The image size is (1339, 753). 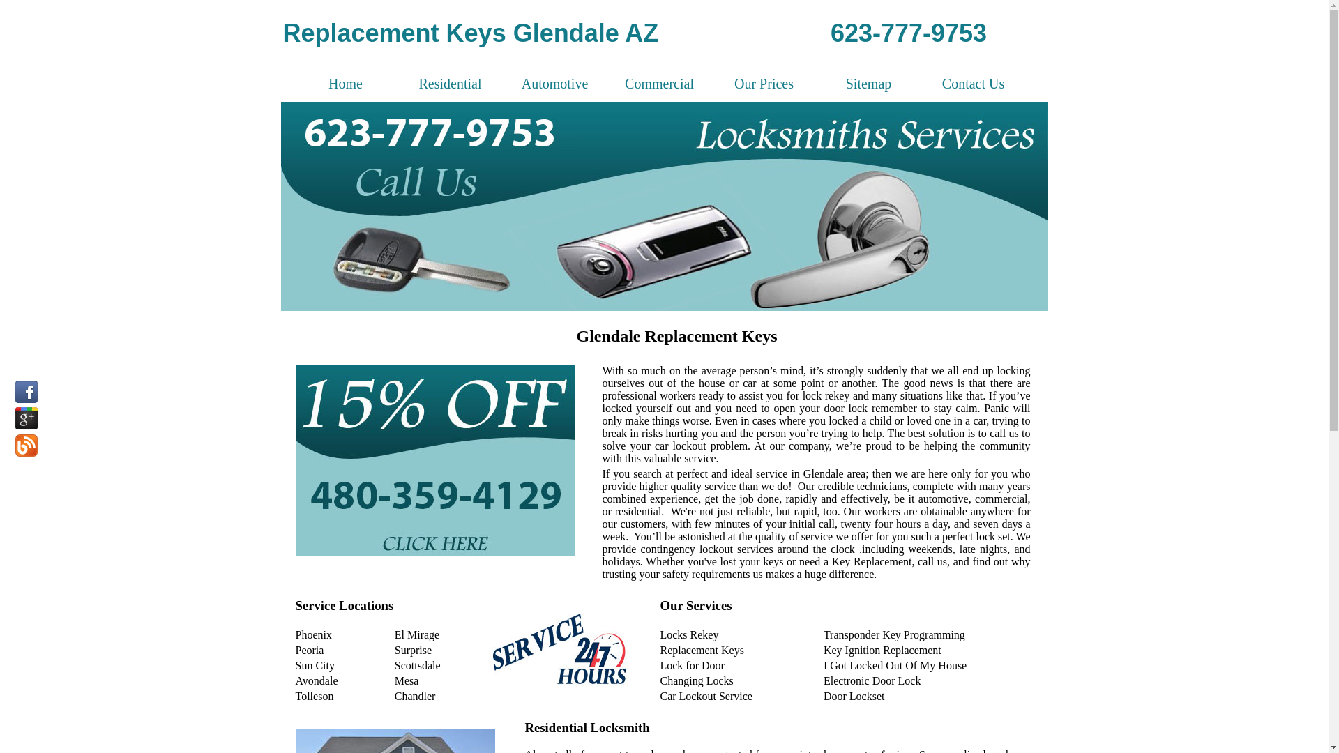 I want to click on 'Residential', so click(x=398, y=84).